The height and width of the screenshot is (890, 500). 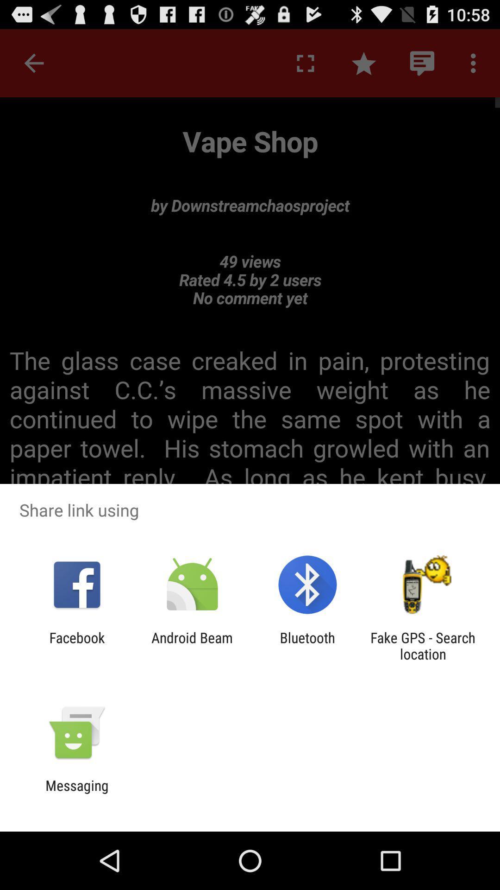 I want to click on the app to the left of android beam, so click(x=76, y=645).